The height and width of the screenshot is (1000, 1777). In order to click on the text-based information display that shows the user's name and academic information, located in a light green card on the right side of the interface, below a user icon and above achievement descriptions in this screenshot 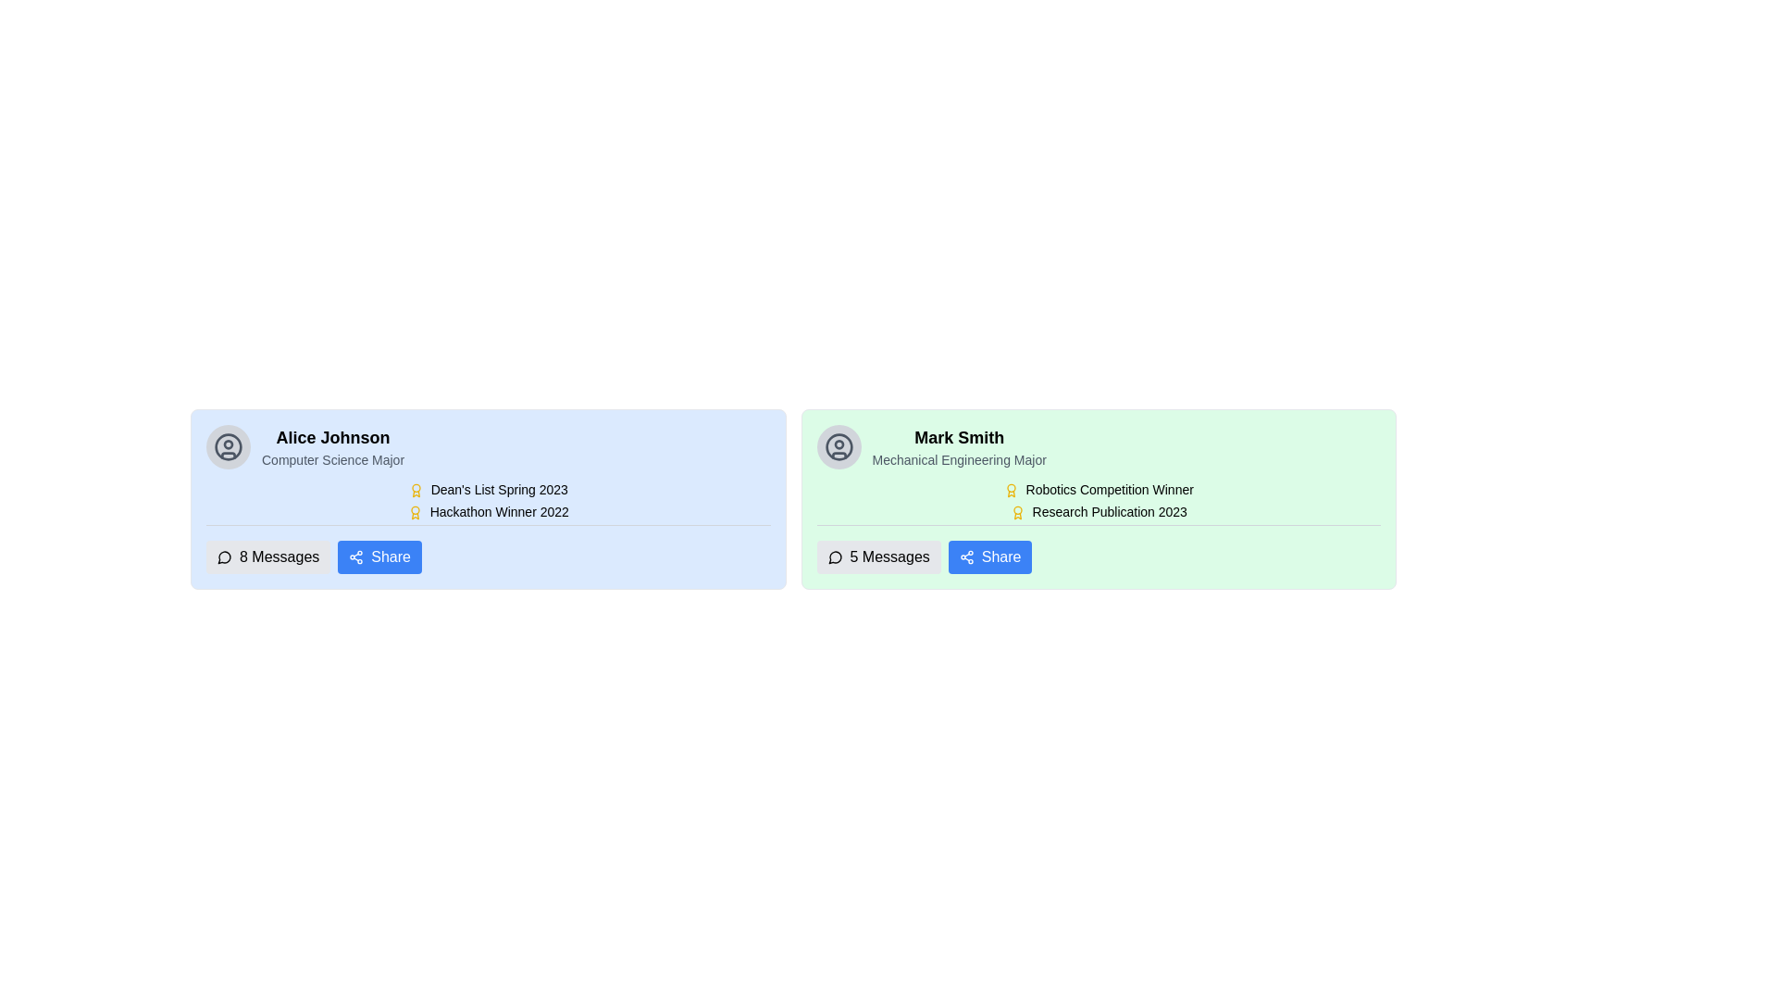, I will do `click(959, 446)`.